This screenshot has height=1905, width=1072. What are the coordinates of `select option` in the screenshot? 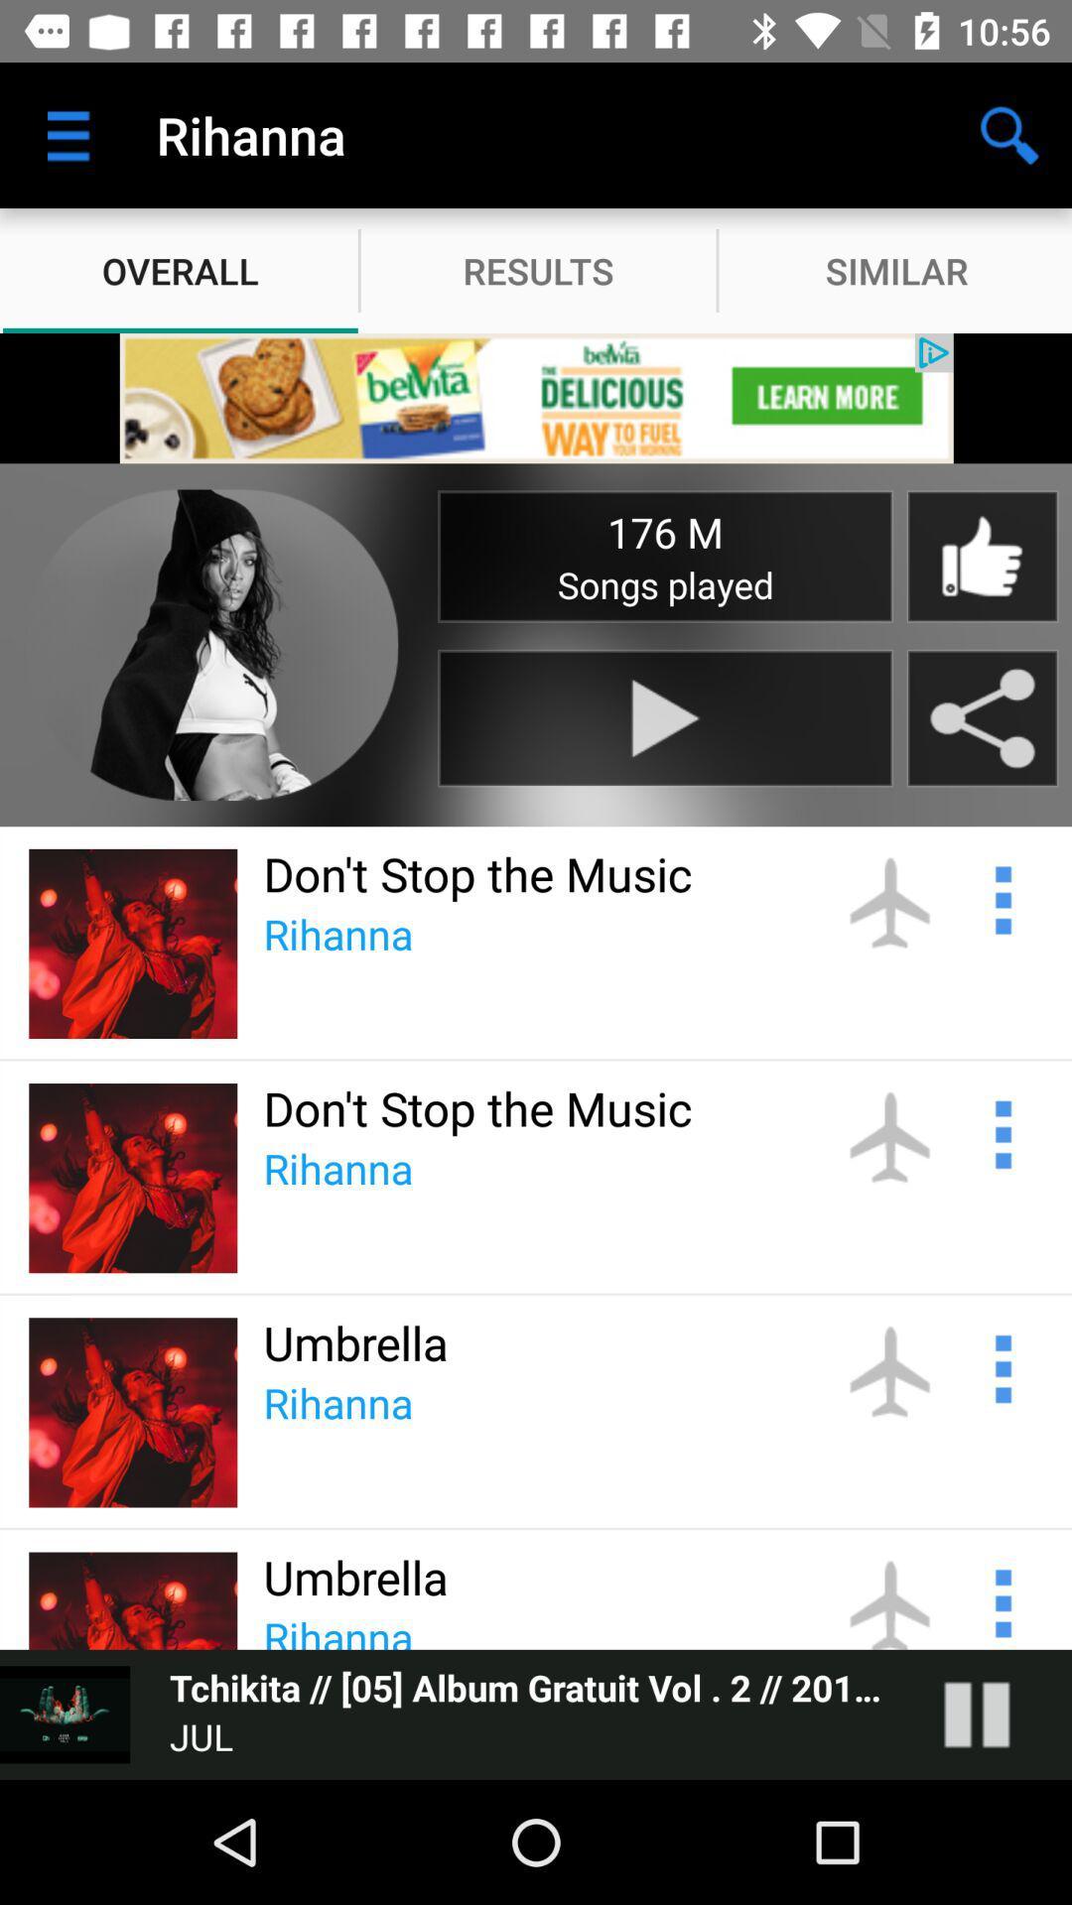 It's located at (1001, 1600).